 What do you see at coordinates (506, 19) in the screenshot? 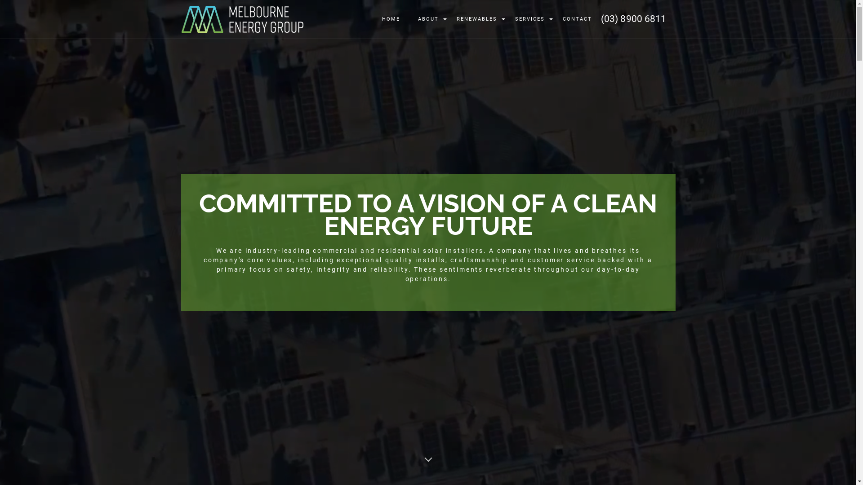
I see `'SERVICES'` at bounding box center [506, 19].